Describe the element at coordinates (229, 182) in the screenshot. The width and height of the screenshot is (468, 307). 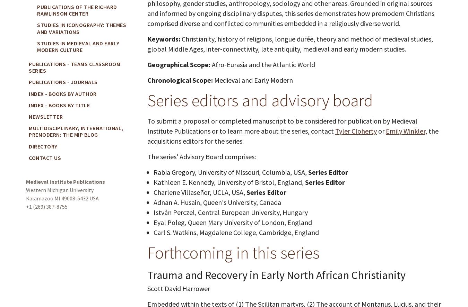
I see `'Kathleen E. Kennedy, University of Bristol, England,'` at that location.